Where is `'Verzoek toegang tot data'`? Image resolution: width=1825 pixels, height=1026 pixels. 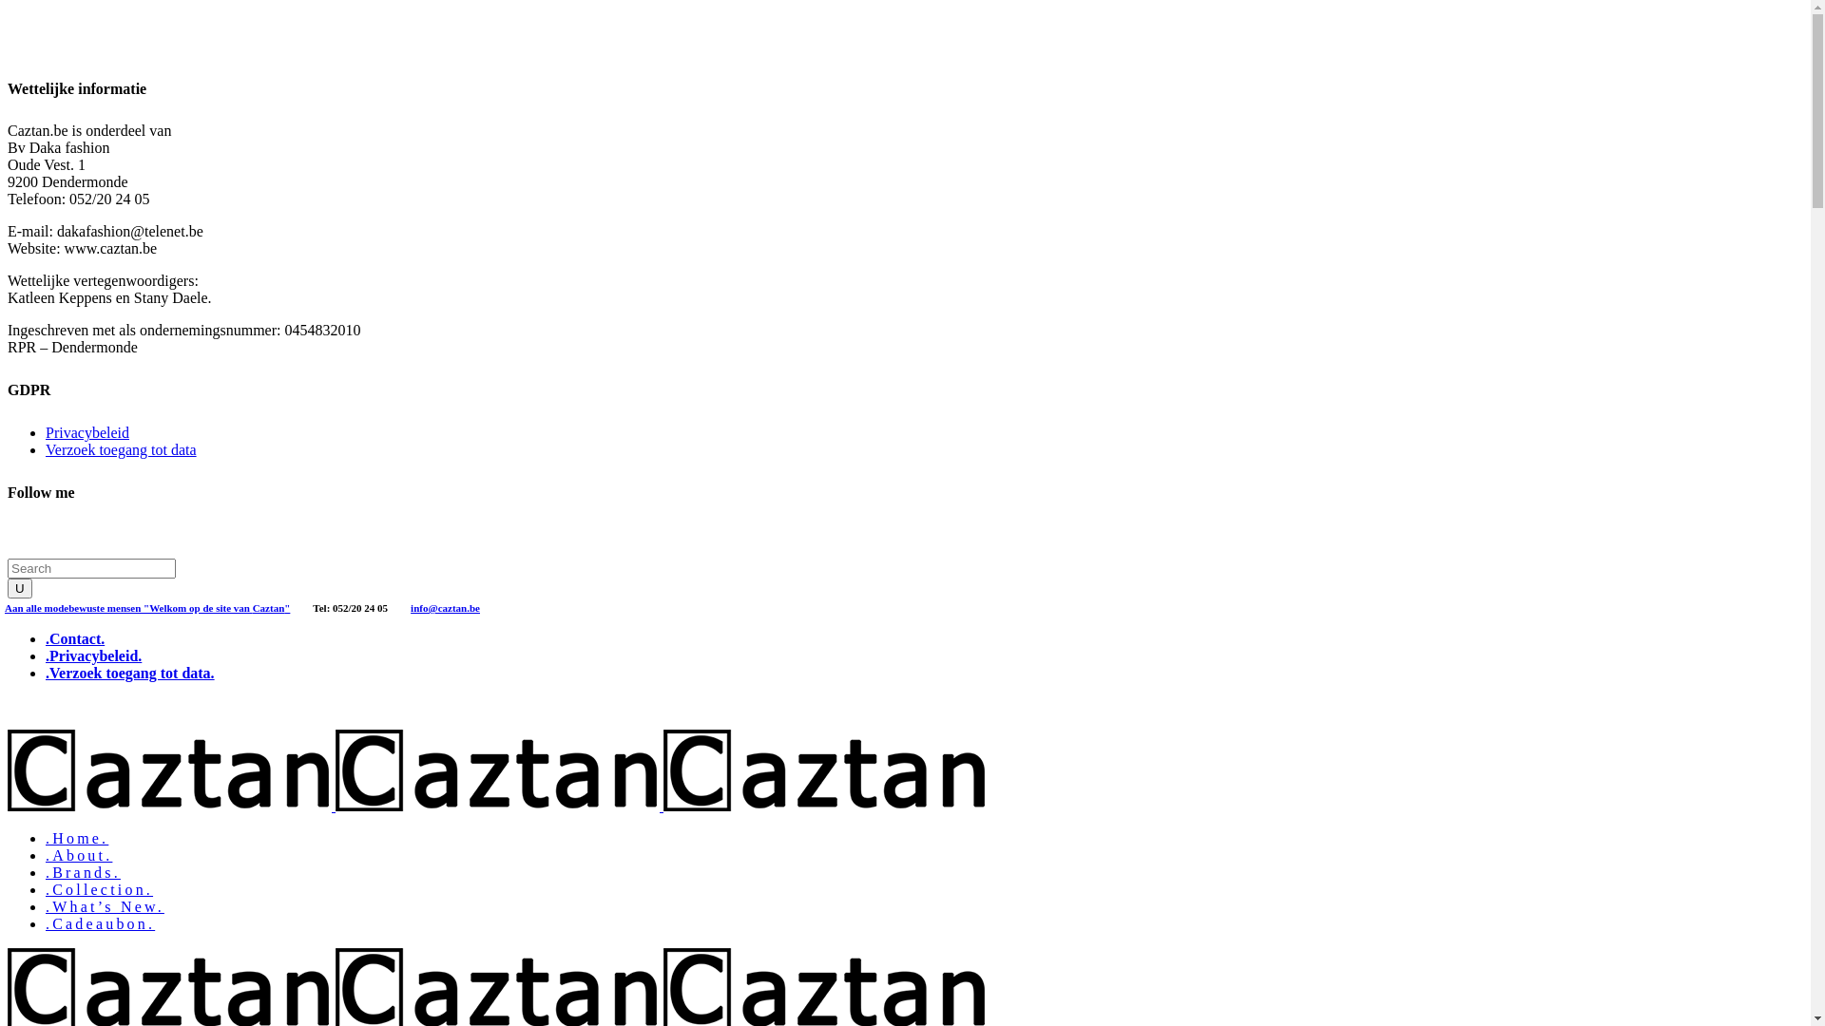
'Verzoek toegang tot data' is located at coordinates (120, 449).